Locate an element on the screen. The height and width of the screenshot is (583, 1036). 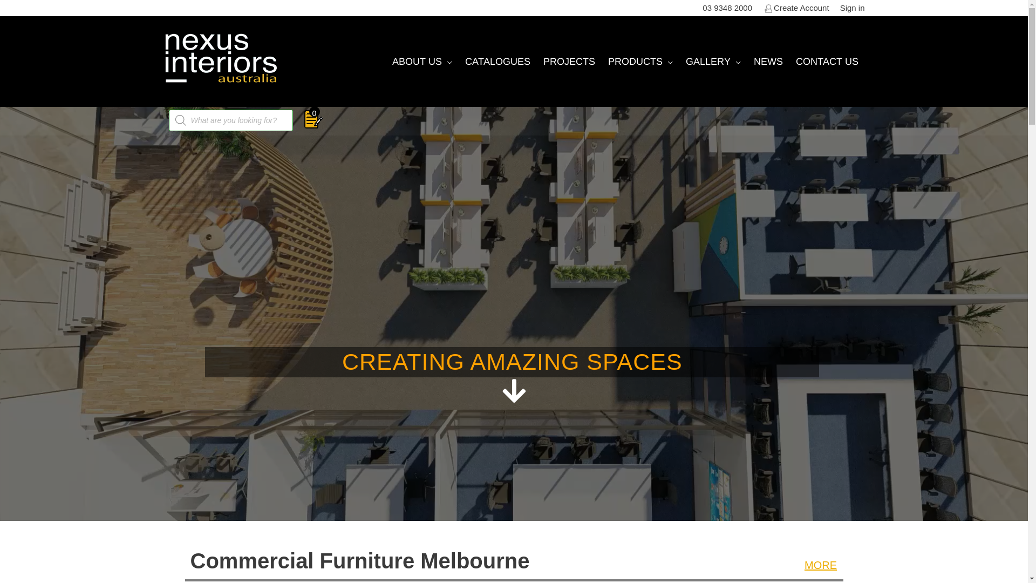
'ABOUT US' is located at coordinates (385, 62).